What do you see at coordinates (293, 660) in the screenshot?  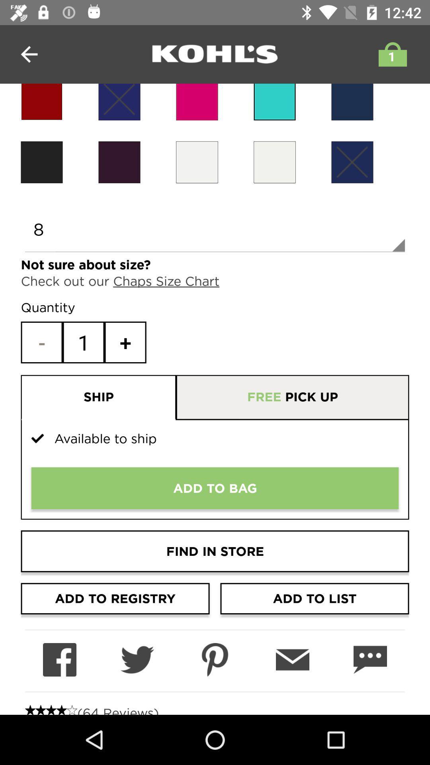 I see `send product information to my email address` at bounding box center [293, 660].